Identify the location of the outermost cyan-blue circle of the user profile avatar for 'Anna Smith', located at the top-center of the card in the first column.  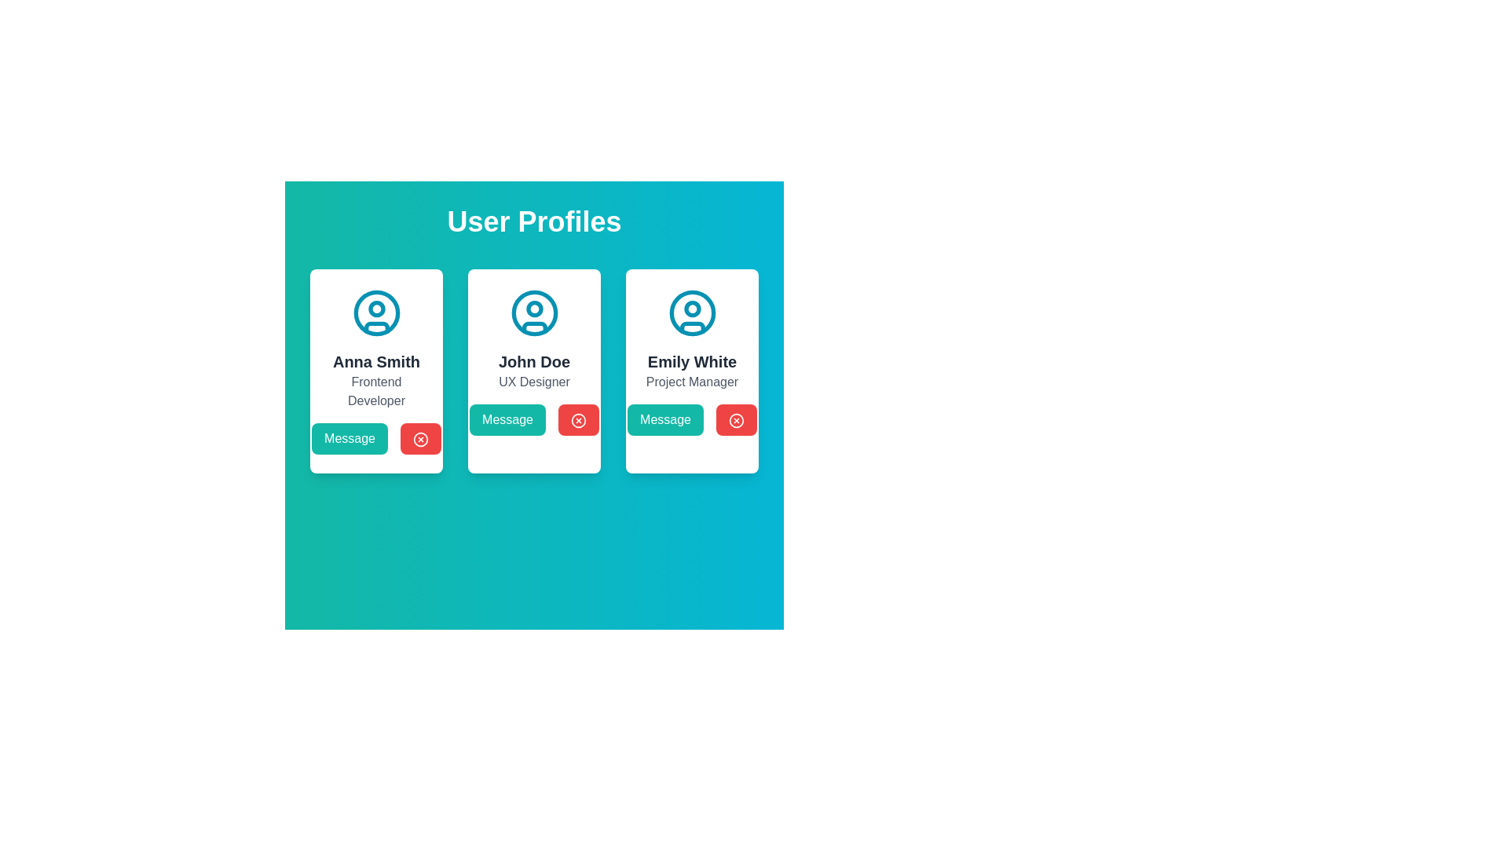
(375, 313).